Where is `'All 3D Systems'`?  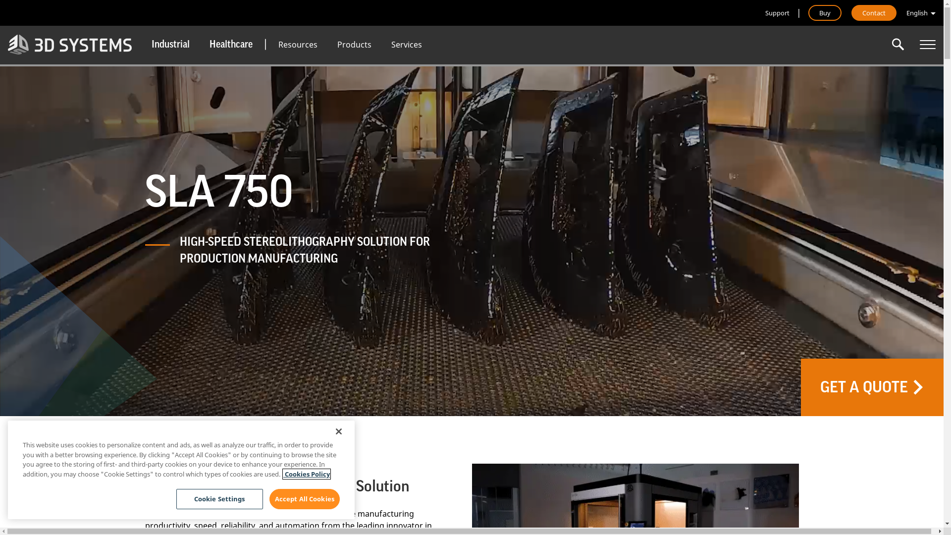 'All 3D Systems' is located at coordinates (927, 44).